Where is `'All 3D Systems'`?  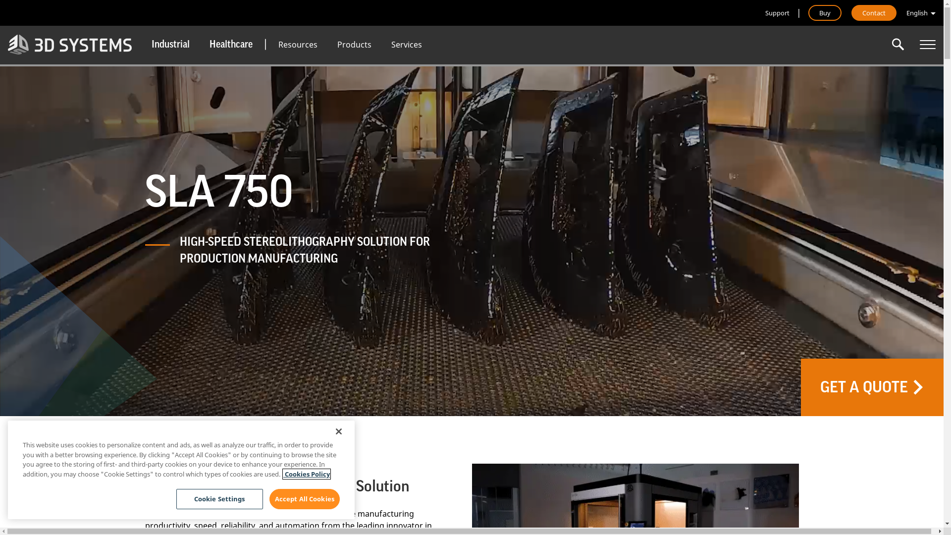 'All 3D Systems' is located at coordinates (927, 44).